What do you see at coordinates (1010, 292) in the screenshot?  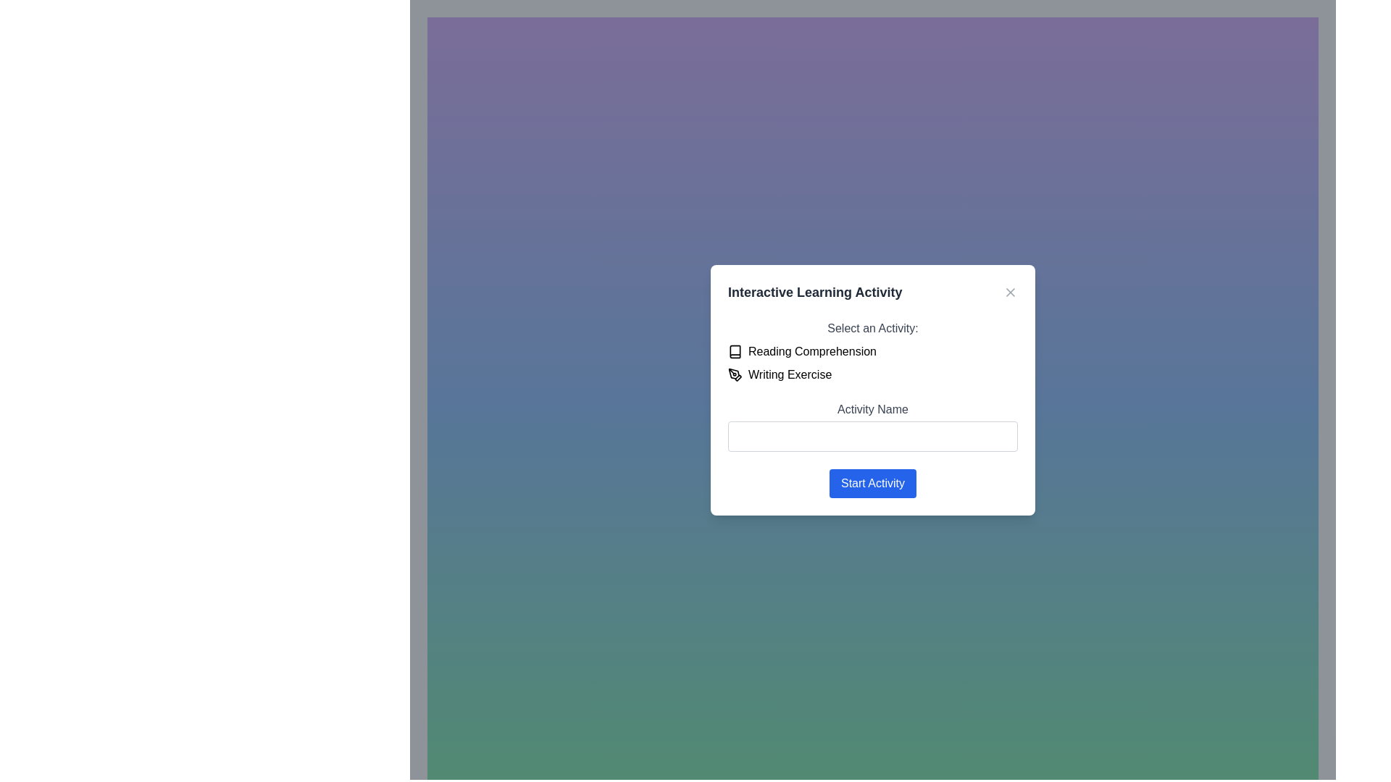 I see `the small 'X' icon in the top-right corner of the header bar` at bounding box center [1010, 292].